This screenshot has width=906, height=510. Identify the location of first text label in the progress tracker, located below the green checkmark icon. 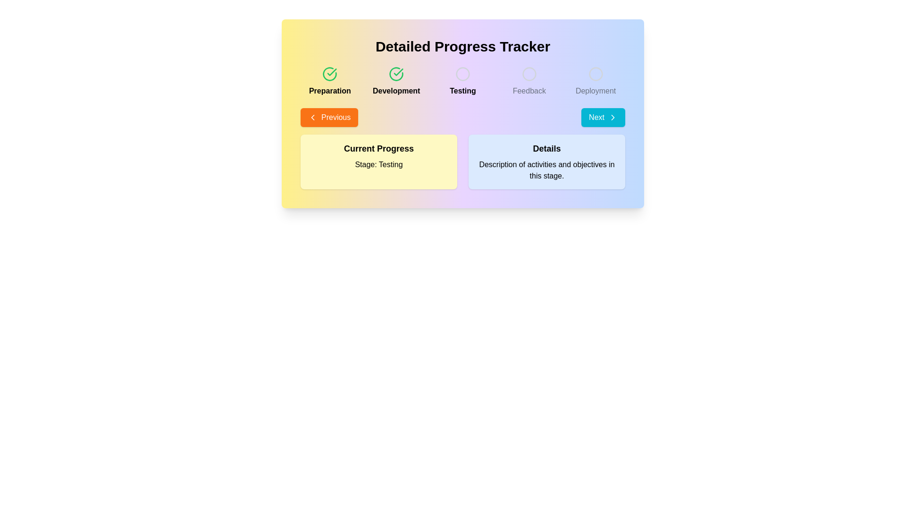
(330, 91).